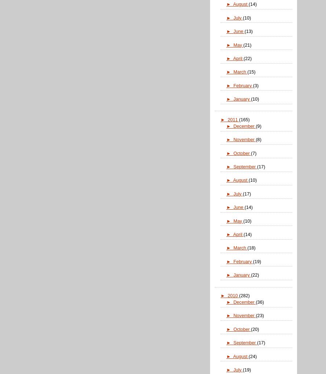 The width and height of the screenshot is (326, 374). What do you see at coordinates (254, 329) in the screenshot?
I see `'(20)'` at bounding box center [254, 329].